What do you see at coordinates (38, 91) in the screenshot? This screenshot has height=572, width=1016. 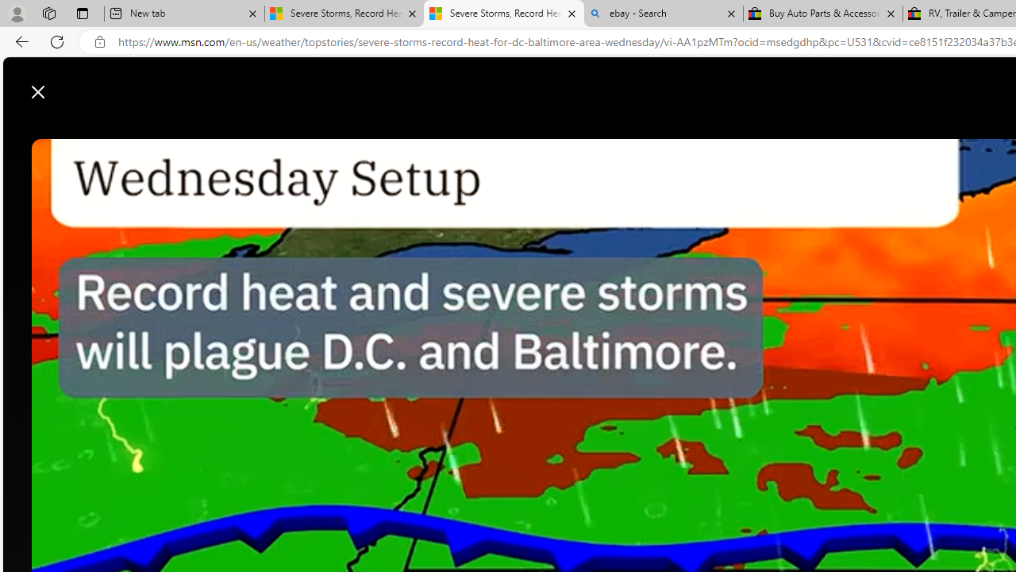 I see `'Class: control icon-only'` at bounding box center [38, 91].